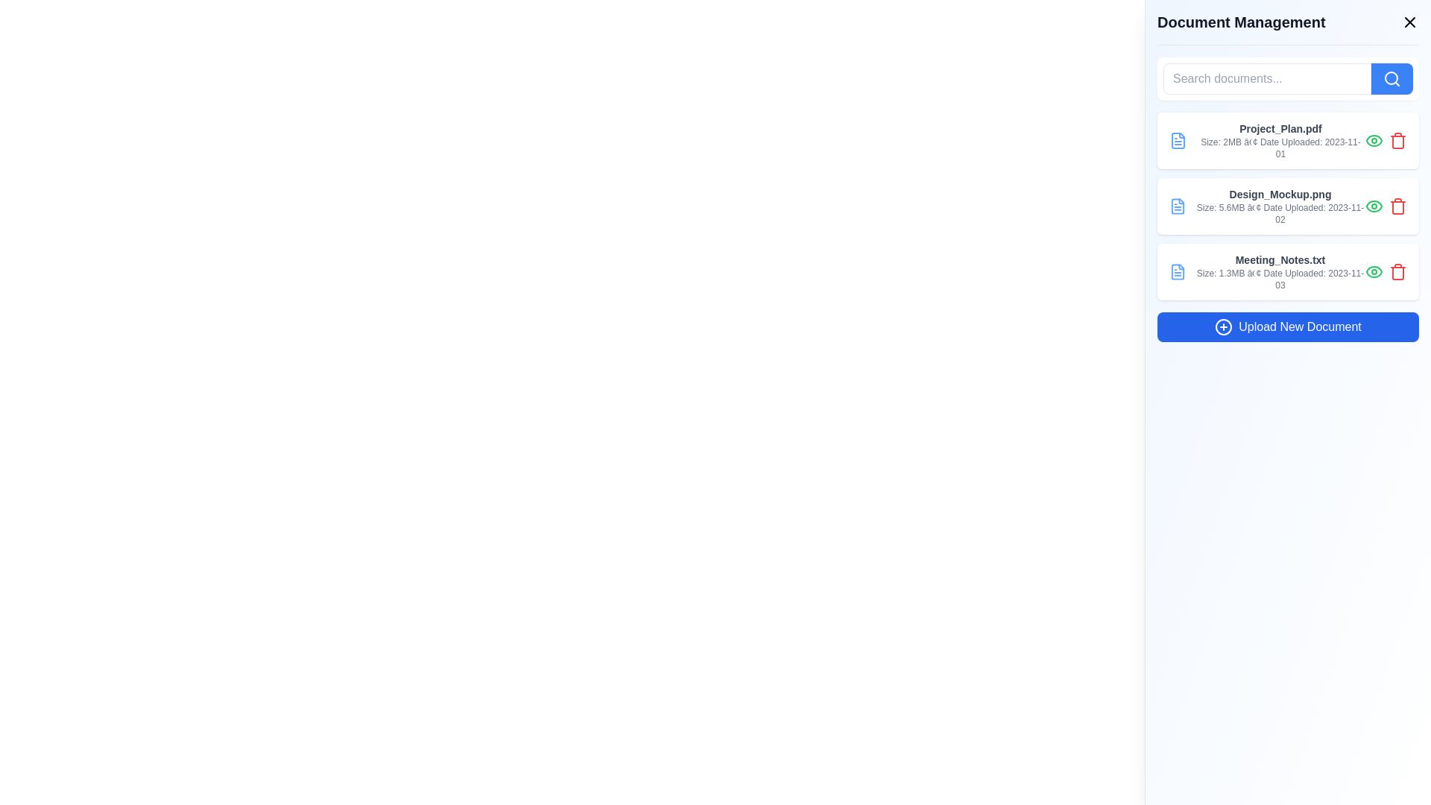 The image size is (1431, 805). Describe the element at coordinates (1241, 22) in the screenshot. I see `the non-interactive text label indicating the 'Document Management' section, located in the upper right section of the interface` at that location.